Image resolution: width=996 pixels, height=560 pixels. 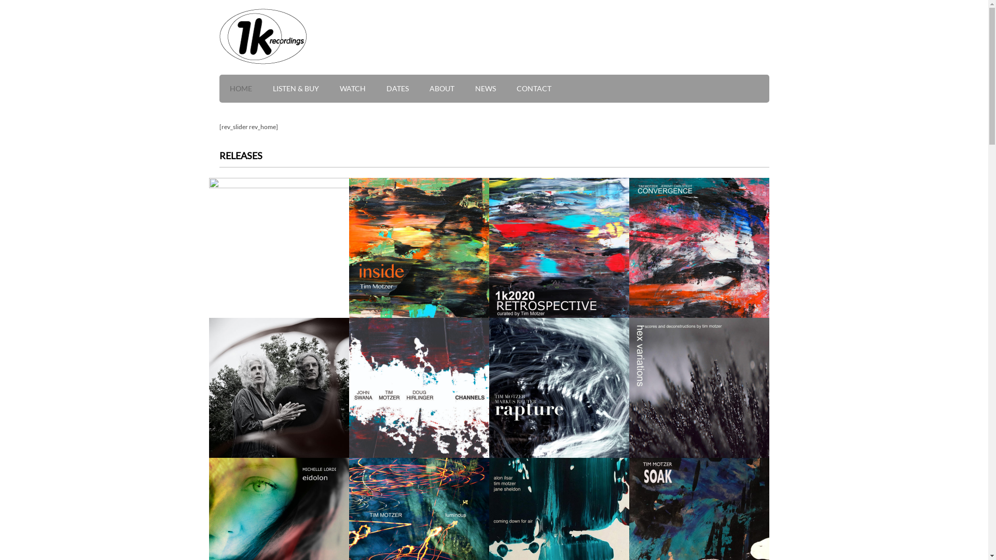 What do you see at coordinates (251, 94) in the screenshot?
I see `'HOME'` at bounding box center [251, 94].